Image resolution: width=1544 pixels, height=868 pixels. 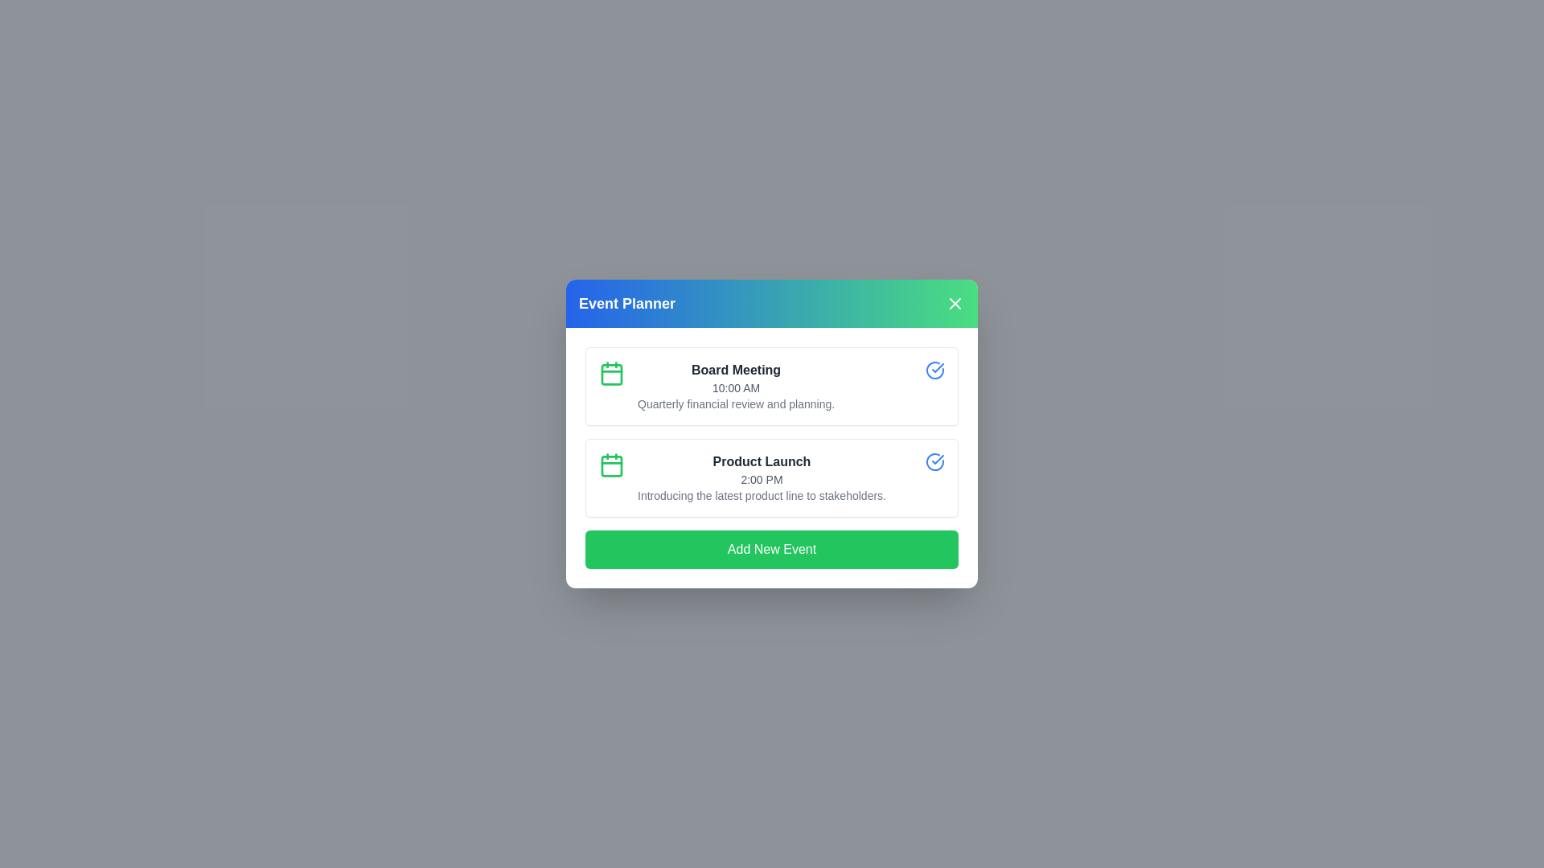 I want to click on the visual indicator representing the completed state for the 'Product Launch' event, located inside the circular icon towards the far-right of the entry row, so click(x=934, y=371).